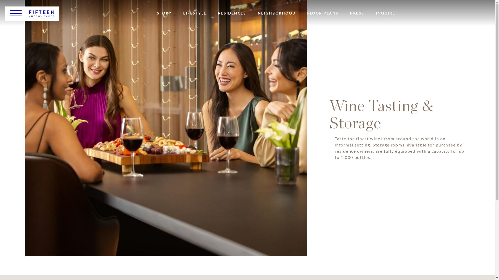  Describe the element at coordinates (376, 13) in the screenshot. I see `'INQUIRE'` at that location.